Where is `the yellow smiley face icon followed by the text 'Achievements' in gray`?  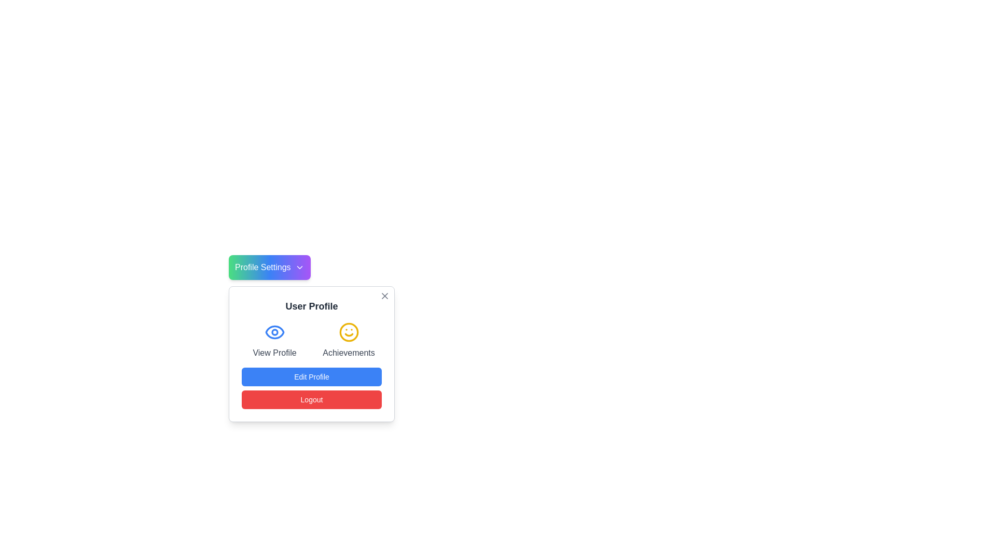 the yellow smiley face icon followed by the text 'Achievements' in gray is located at coordinates (349, 340).